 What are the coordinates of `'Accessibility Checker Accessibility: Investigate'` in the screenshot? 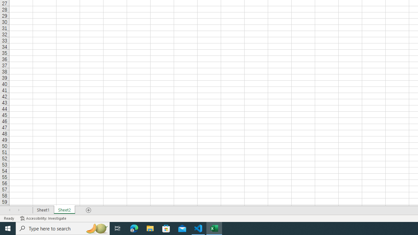 It's located at (43, 218).